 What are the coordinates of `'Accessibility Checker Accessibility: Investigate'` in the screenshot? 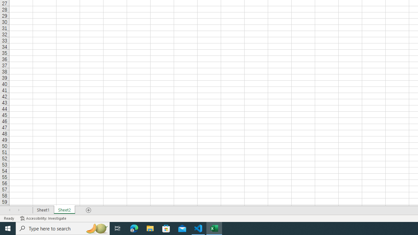 It's located at (43, 218).